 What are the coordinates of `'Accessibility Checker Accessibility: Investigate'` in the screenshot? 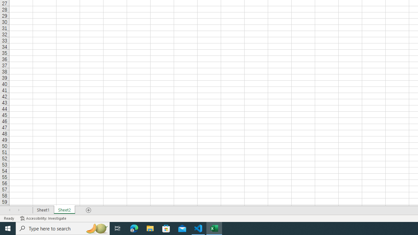 It's located at (43, 218).